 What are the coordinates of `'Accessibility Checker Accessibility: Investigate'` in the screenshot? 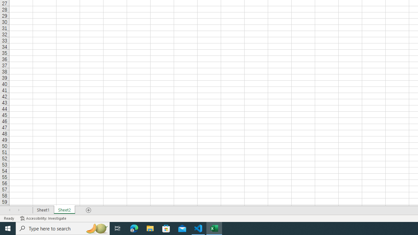 It's located at (43, 218).